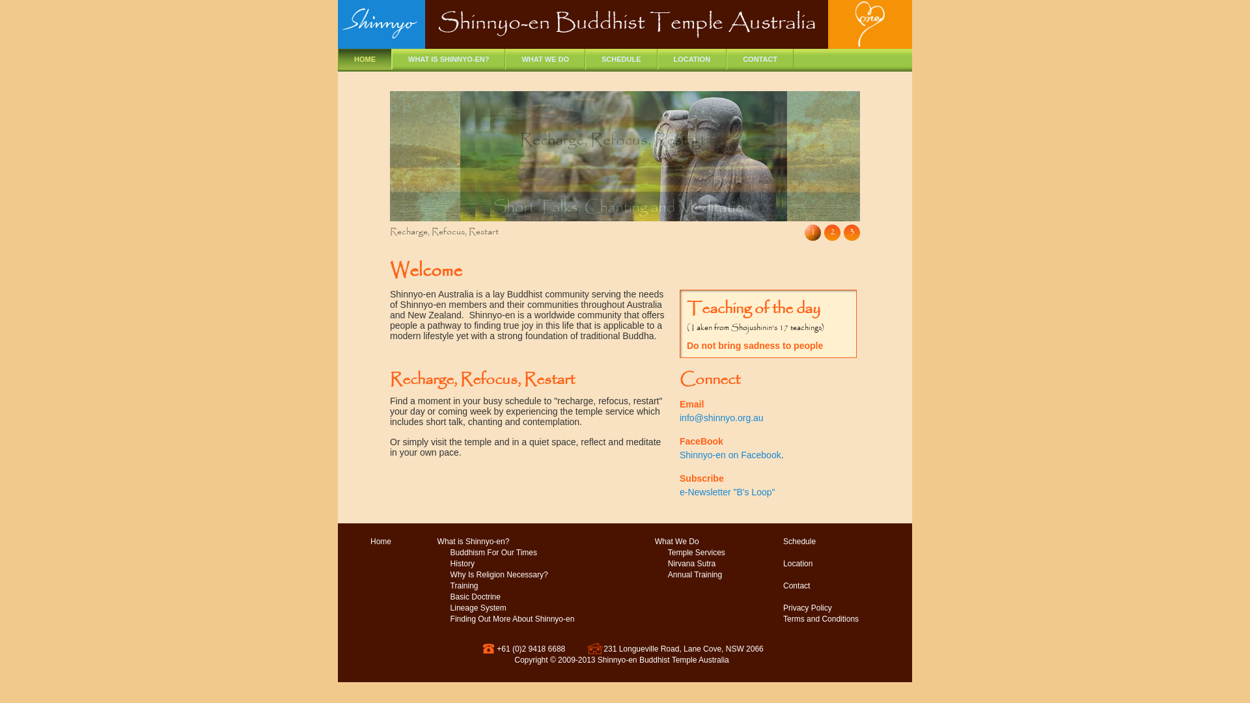 The image size is (1250, 703). What do you see at coordinates (807, 608) in the screenshot?
I see `'Privacy Policy'` at bounding box center [807, 608].